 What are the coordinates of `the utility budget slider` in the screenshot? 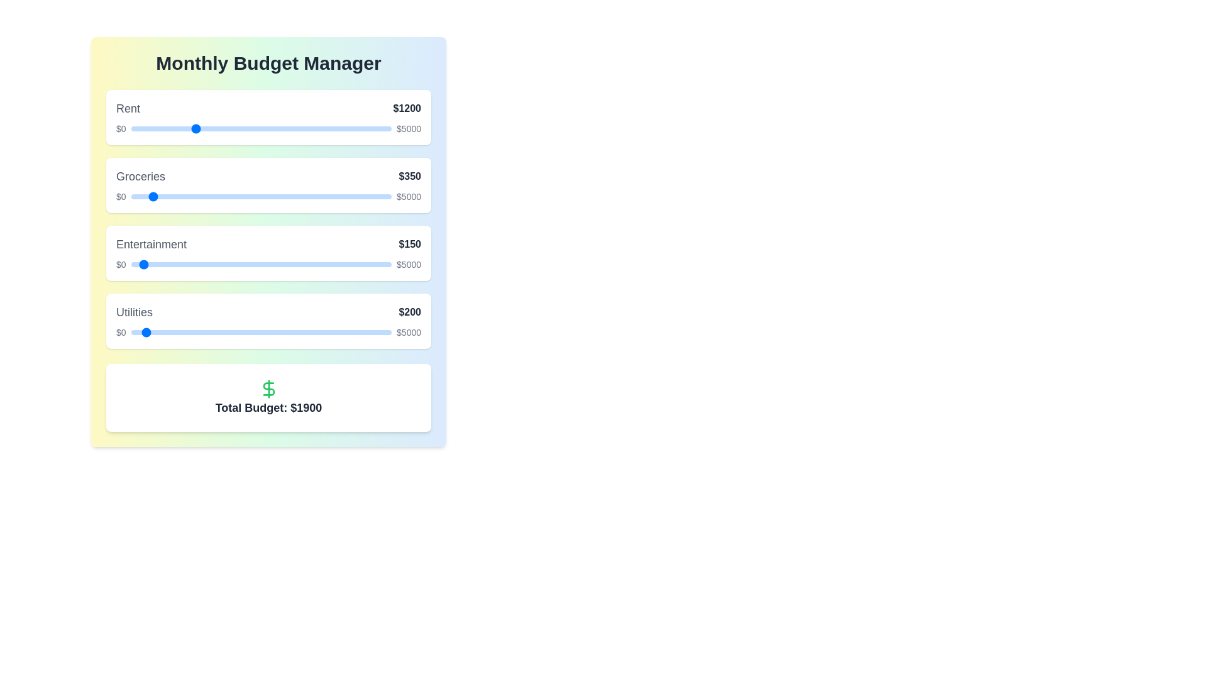 It's located at (278, 331).